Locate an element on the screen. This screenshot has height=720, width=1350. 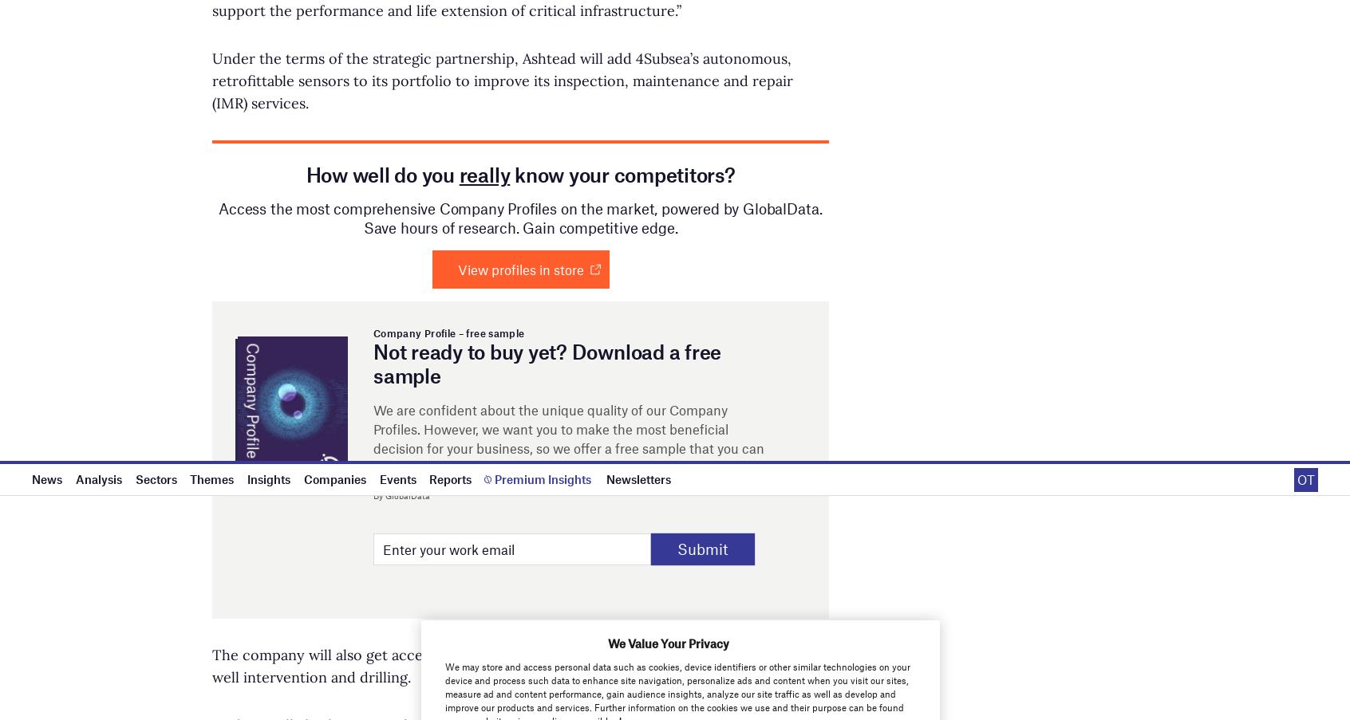
'Powered by' is located at coordinates (1051, 124).